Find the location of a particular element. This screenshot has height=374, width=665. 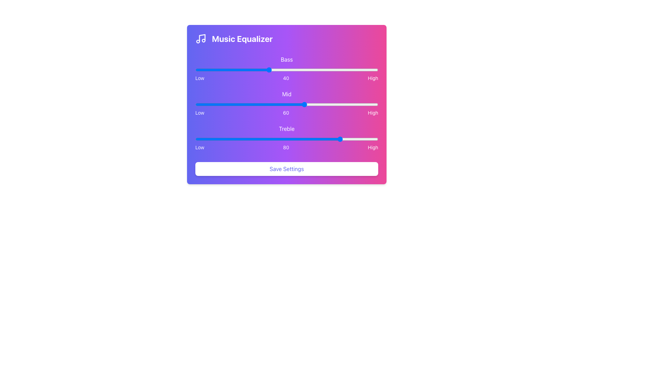

the bass level is located at coordinates (254, 70).